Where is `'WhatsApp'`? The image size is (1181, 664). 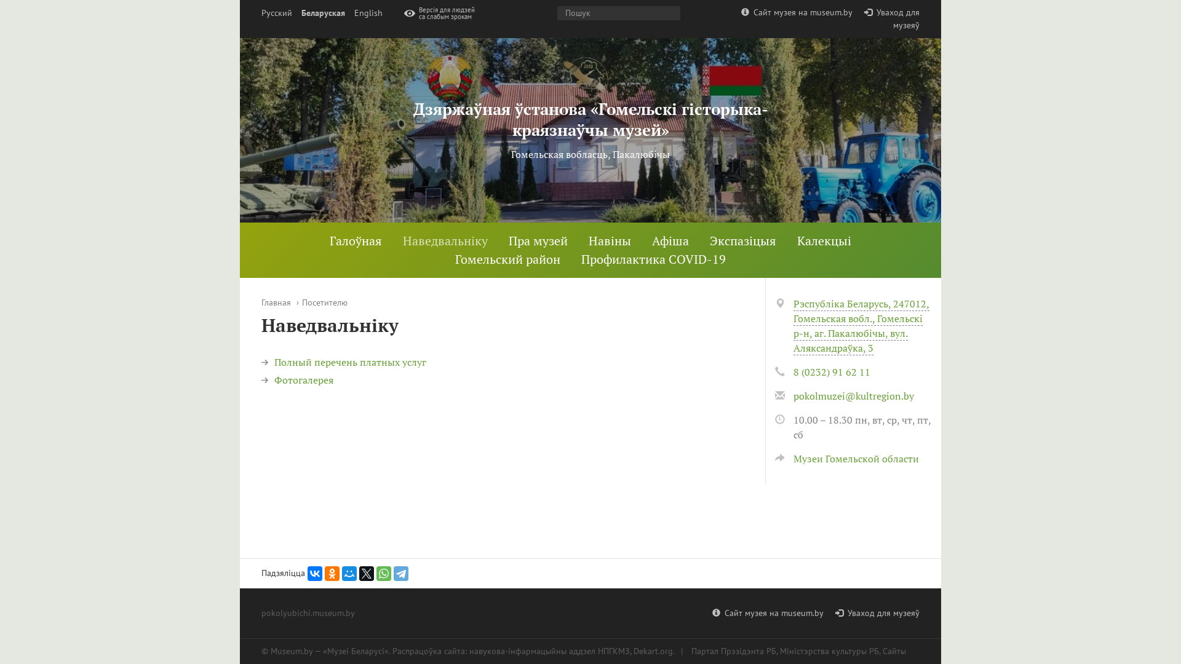
'WhatsApp' is located at coordinates (383, 574).